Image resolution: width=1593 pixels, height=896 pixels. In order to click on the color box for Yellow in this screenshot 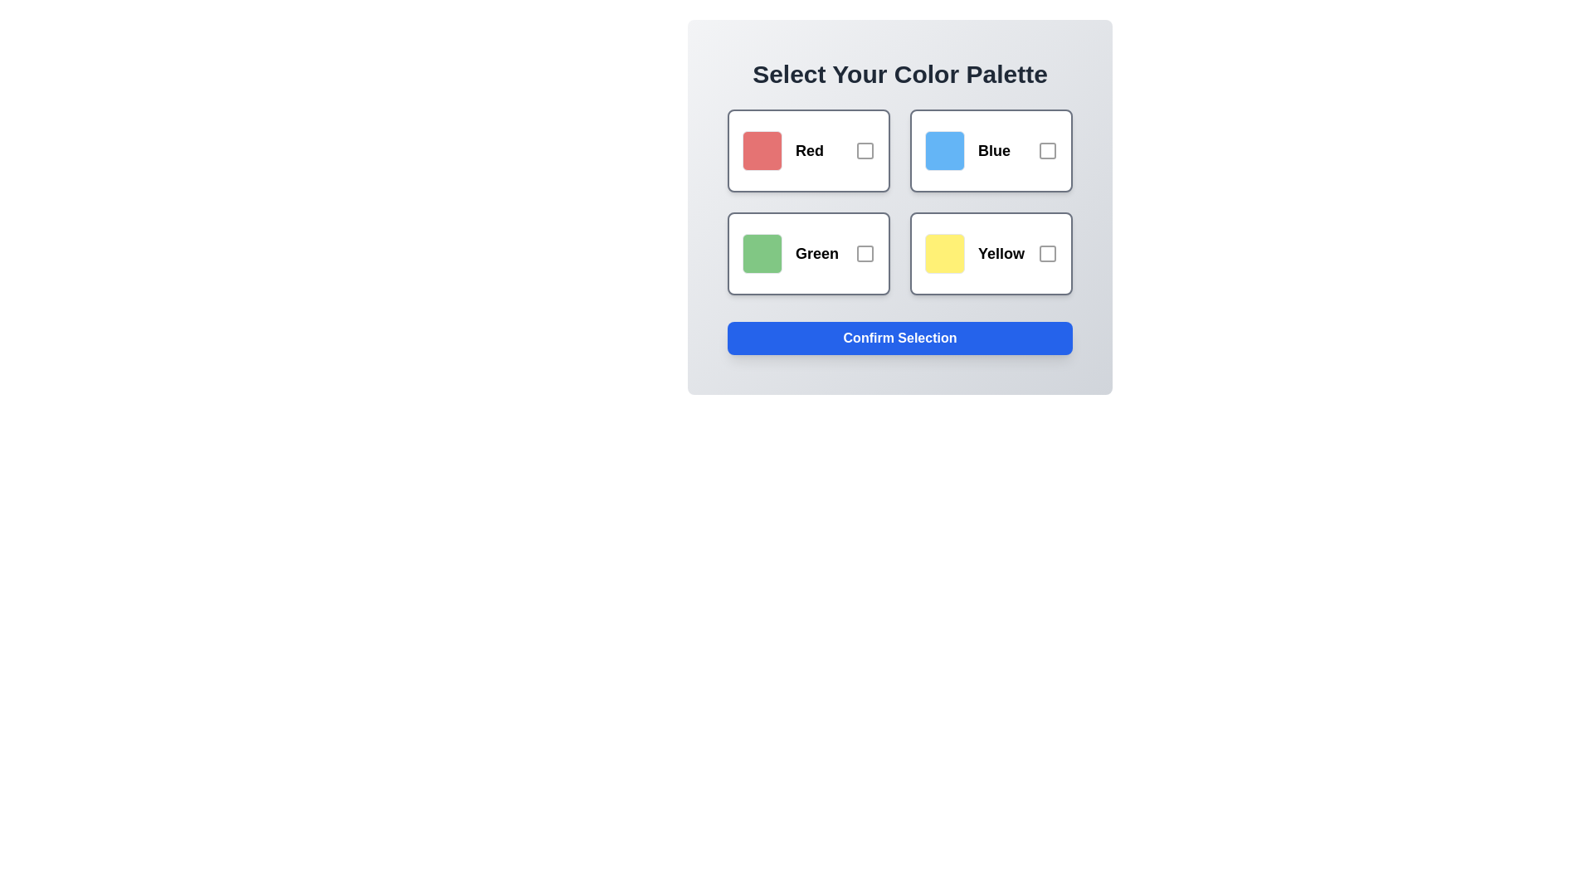, I will do `click(991, 253)`.